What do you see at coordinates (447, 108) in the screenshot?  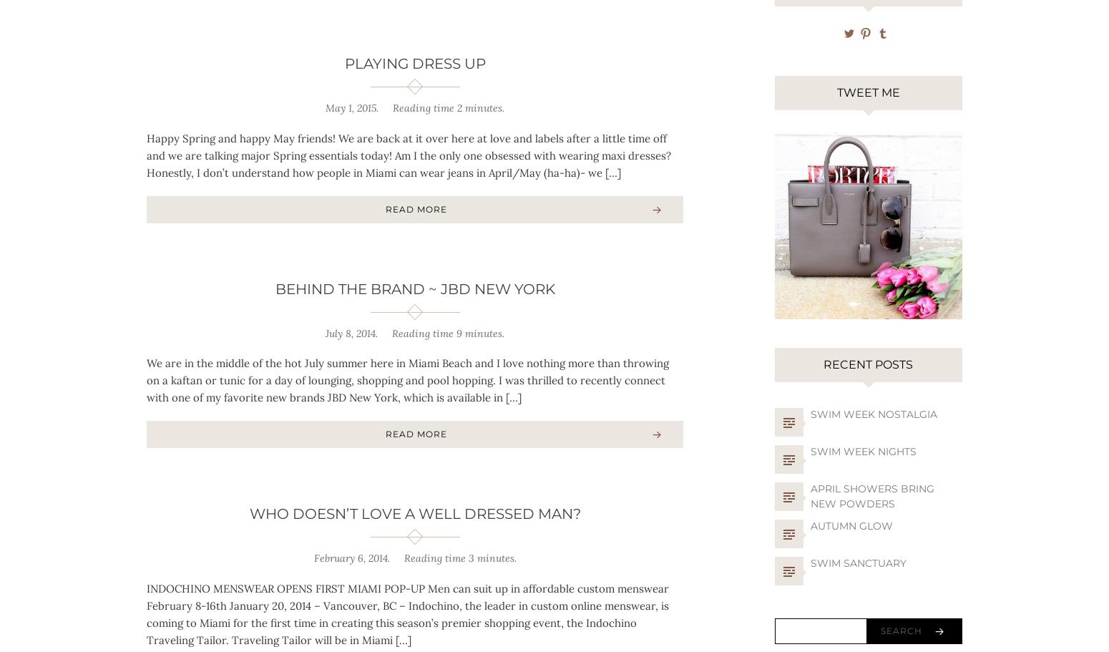 I see `'Reading time 2 minutes.'` at bounding box center [447, 108].